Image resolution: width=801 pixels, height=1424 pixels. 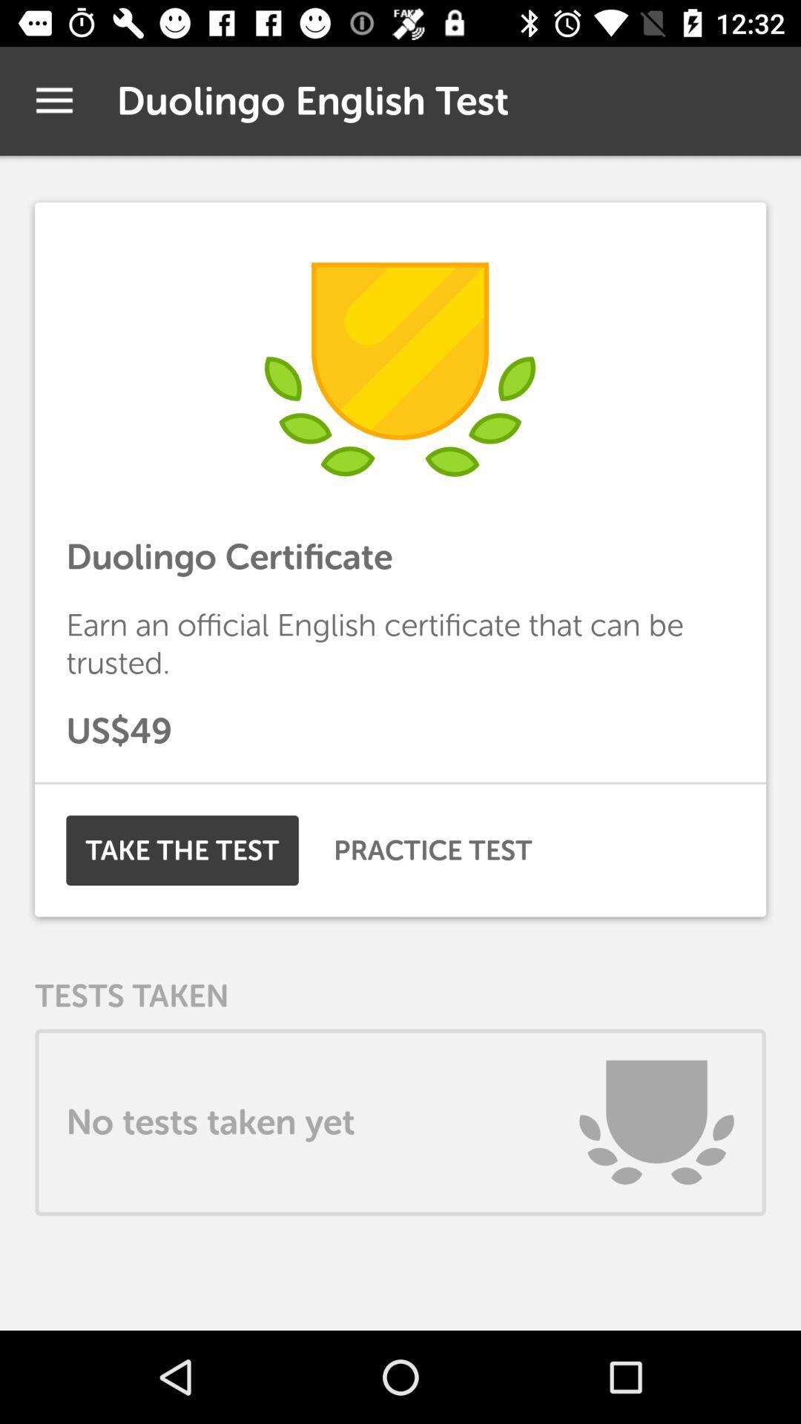 What do you see at coordinates (182, 850) in the screenshot?
I see `the item on the left` at bounding box center [182, 850].